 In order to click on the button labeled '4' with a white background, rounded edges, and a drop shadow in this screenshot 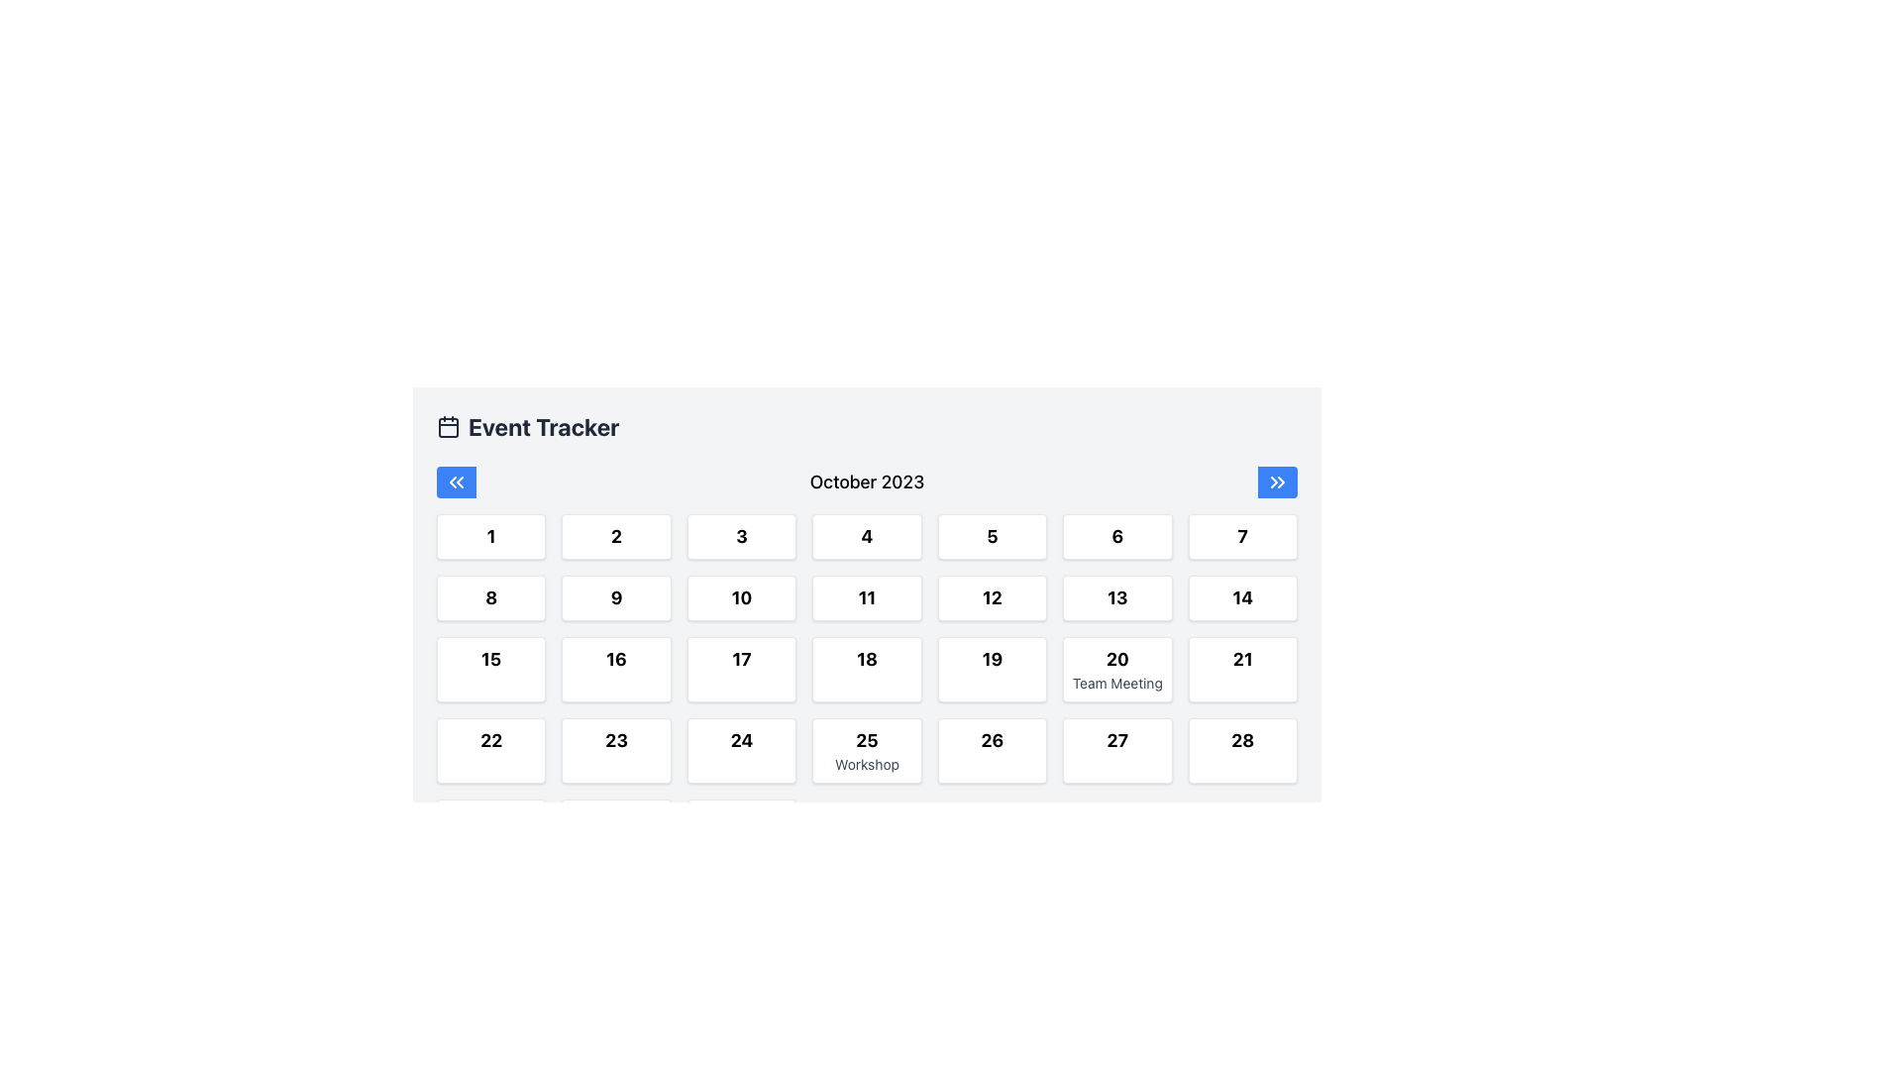, I will do `click(867, 537)`.